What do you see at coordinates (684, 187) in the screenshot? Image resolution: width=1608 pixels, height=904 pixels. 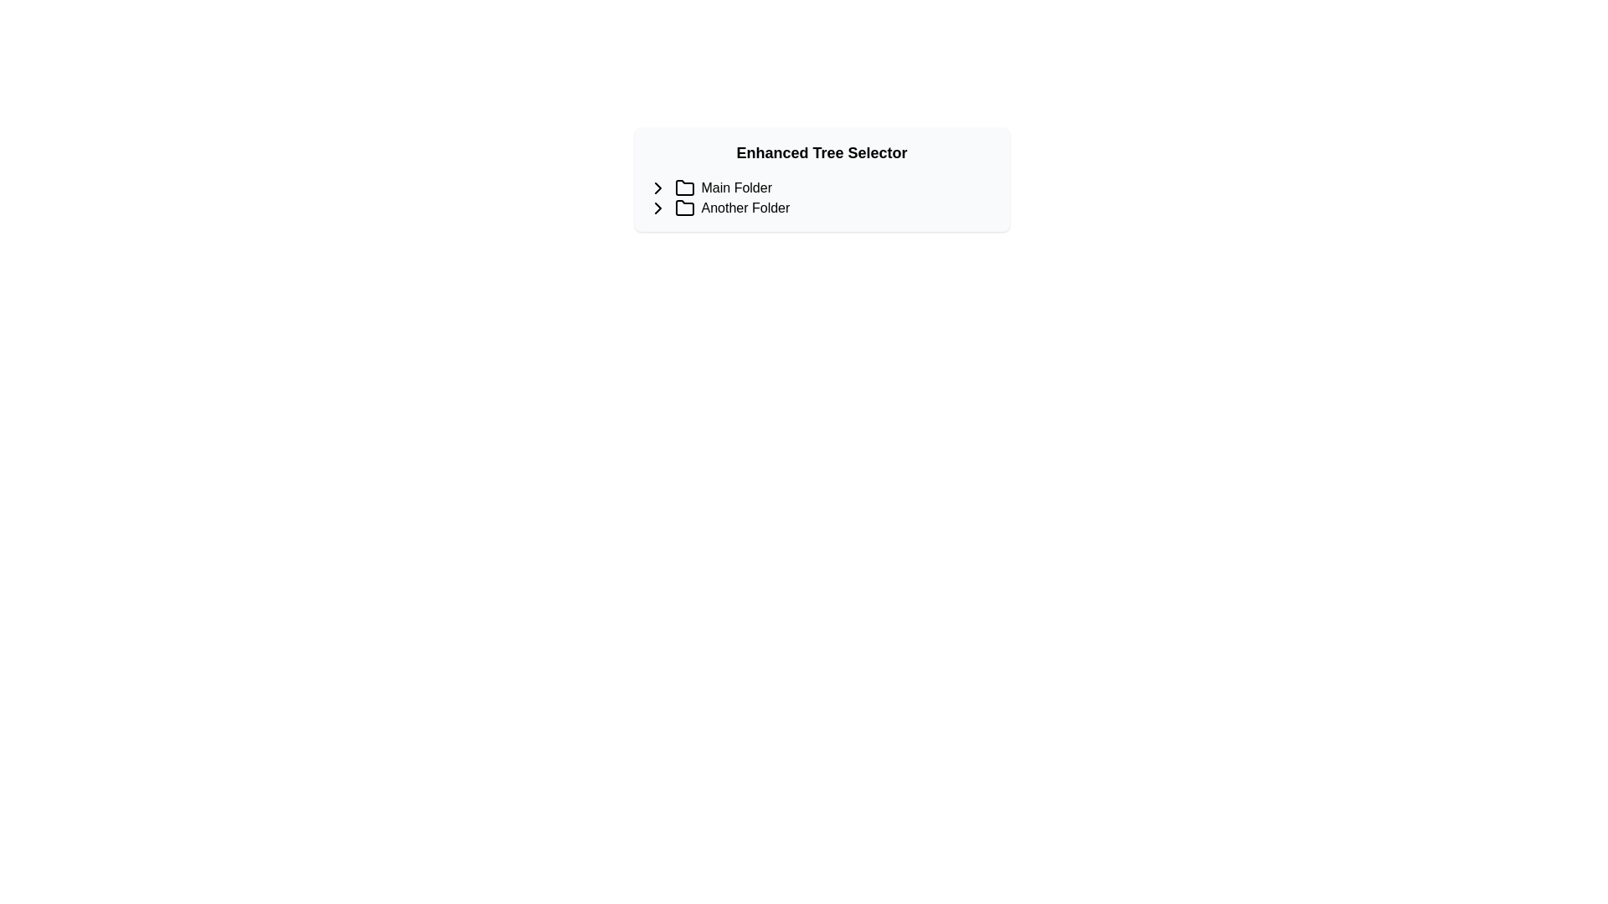 I see `the folder icon located to the left of the 'Main Folder' label in the 'Enhanced Tree Selector' list` at bounding box center [684, 187].